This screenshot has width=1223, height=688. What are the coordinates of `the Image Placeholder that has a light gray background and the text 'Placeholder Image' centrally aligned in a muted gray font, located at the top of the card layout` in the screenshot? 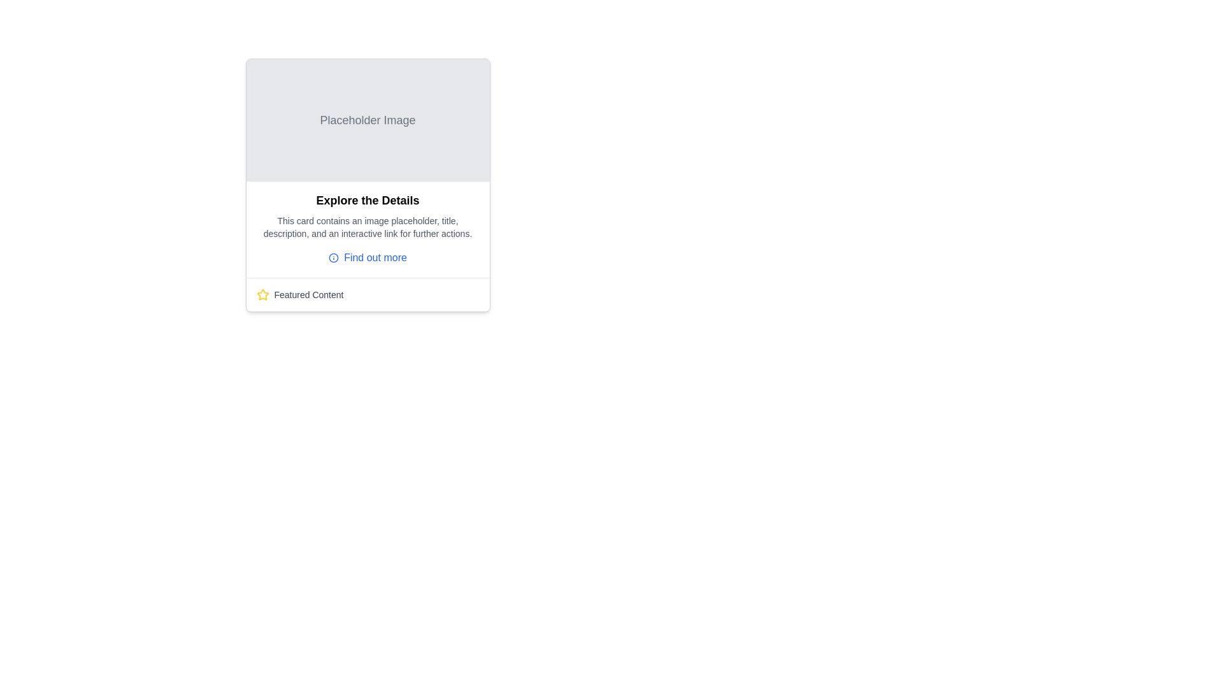 It's located at (367, 120).